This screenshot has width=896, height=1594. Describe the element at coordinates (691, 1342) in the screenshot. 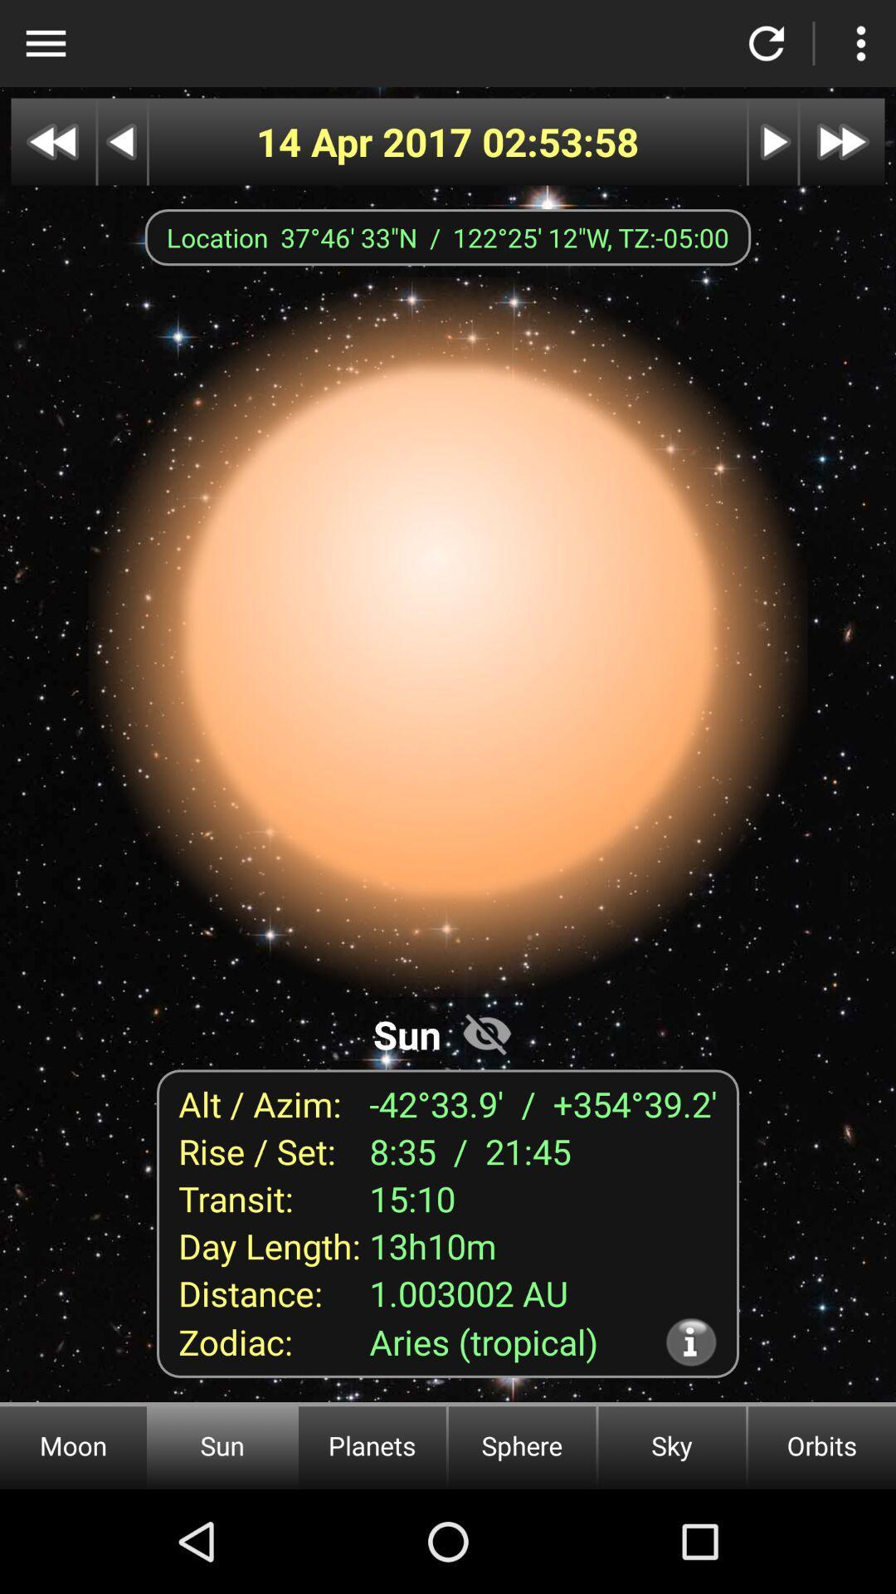

I see `the app next to the aries (tropical)` at that location.